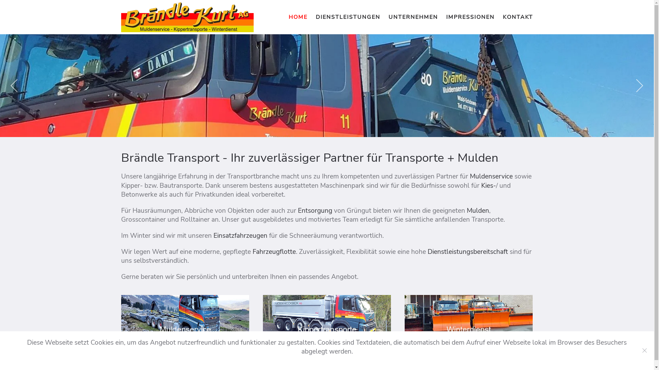 Image resolution: width=659 pixels, height=370 pixels. What do you see at coordinates (488, 186) in the screenshot?
I see `'Kies-'` at bounding box center [488, 186].